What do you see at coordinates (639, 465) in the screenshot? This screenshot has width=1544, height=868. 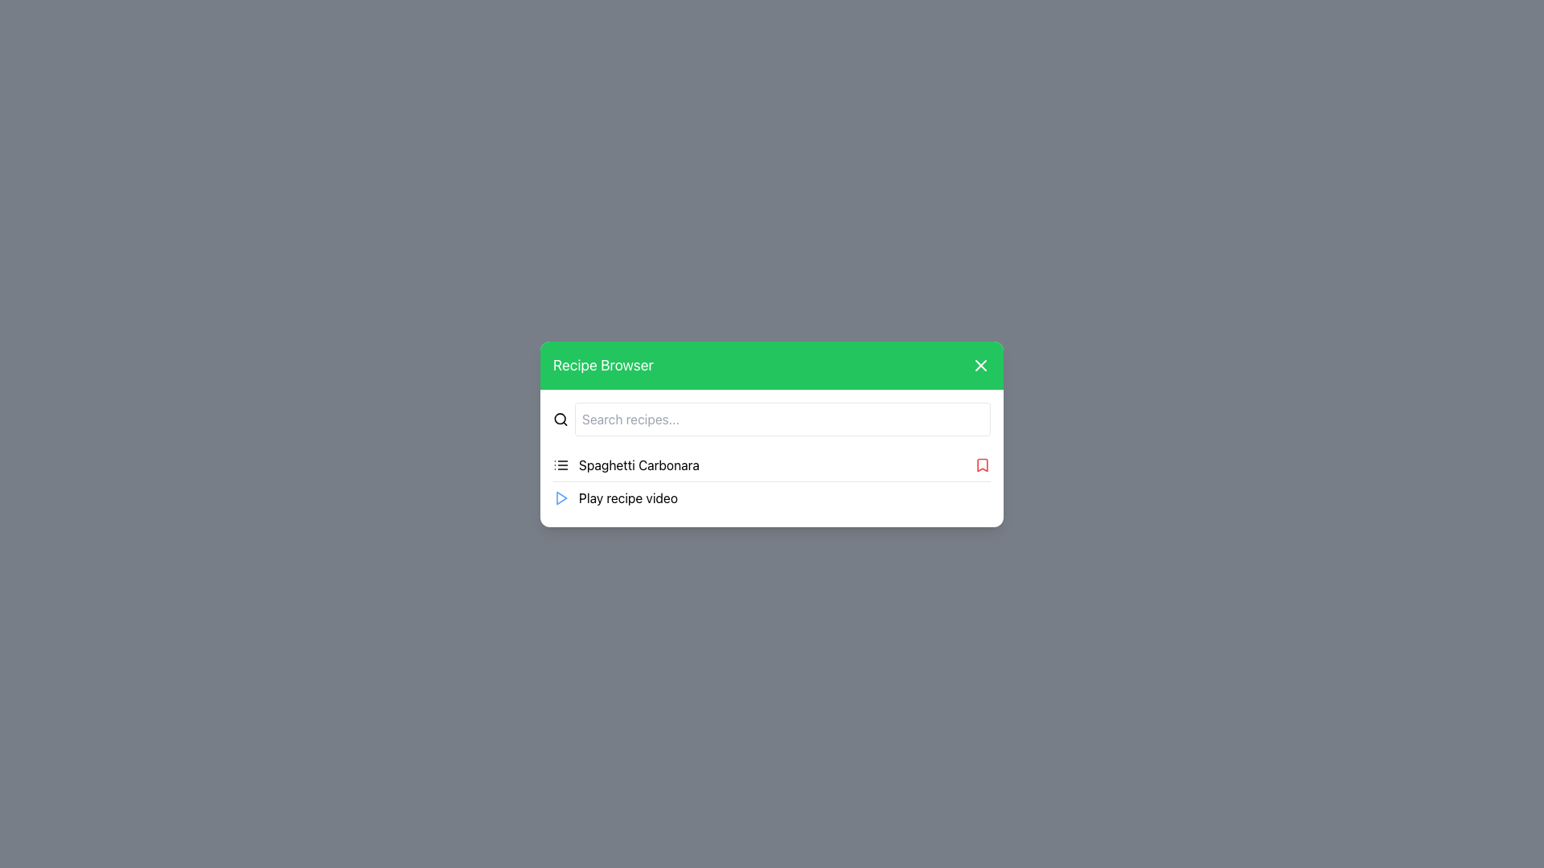 I see `the text label for the recipe 'Spaghetti Carbonara' located in the 'Recipe Browser' modal` at bounding box center [639, 465].